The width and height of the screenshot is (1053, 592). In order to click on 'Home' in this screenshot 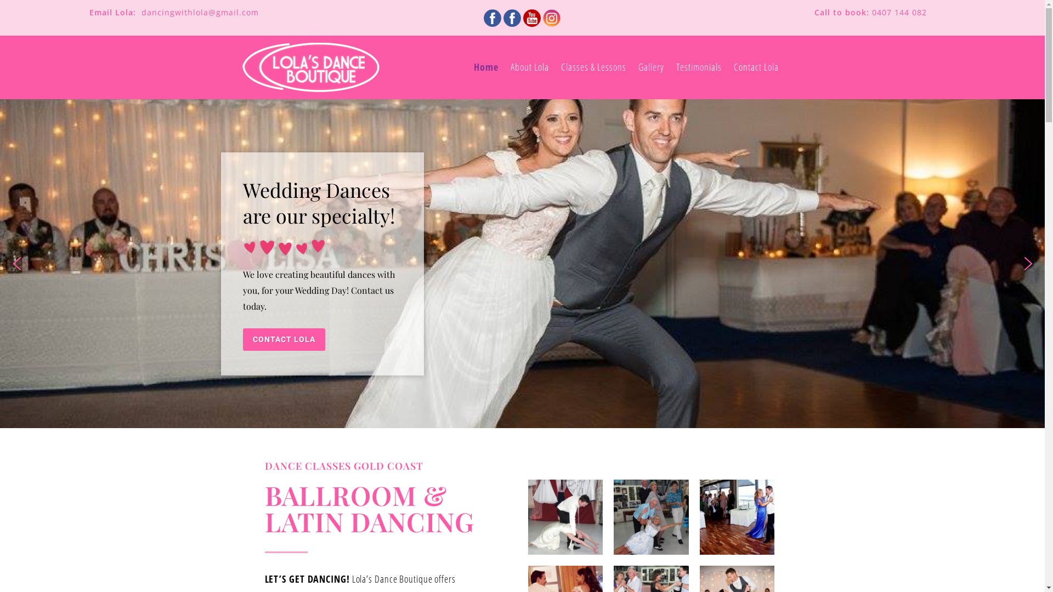, I will do `click(485, 67)`.